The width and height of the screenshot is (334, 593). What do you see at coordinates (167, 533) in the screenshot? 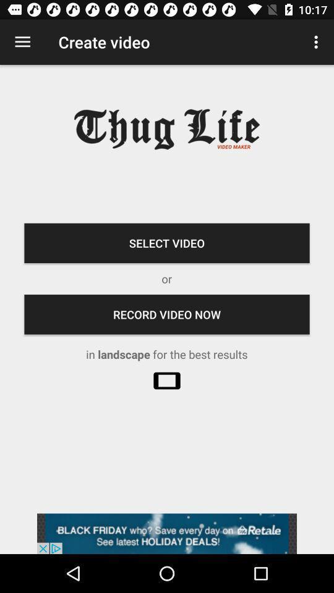
I see `advatisment` at bounding box center [167, 533].